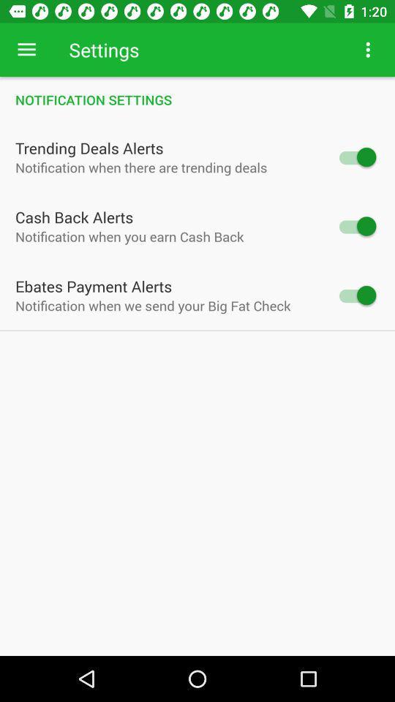  What do you see at coordinates (94, 285) in the screenshot?
I see `the item below notification when you` at bounding box center [94, 285].